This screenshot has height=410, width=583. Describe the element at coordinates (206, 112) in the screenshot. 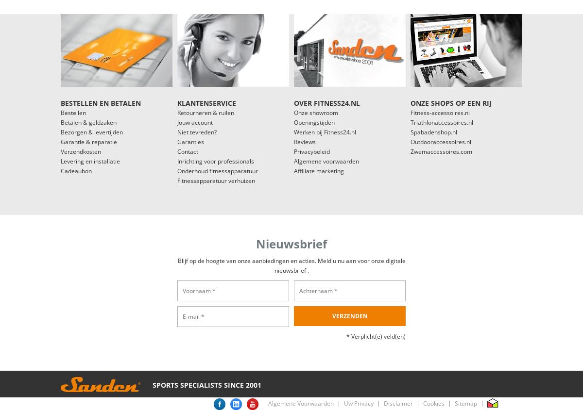

I see `'Retourneren & ruilen'` at that location.